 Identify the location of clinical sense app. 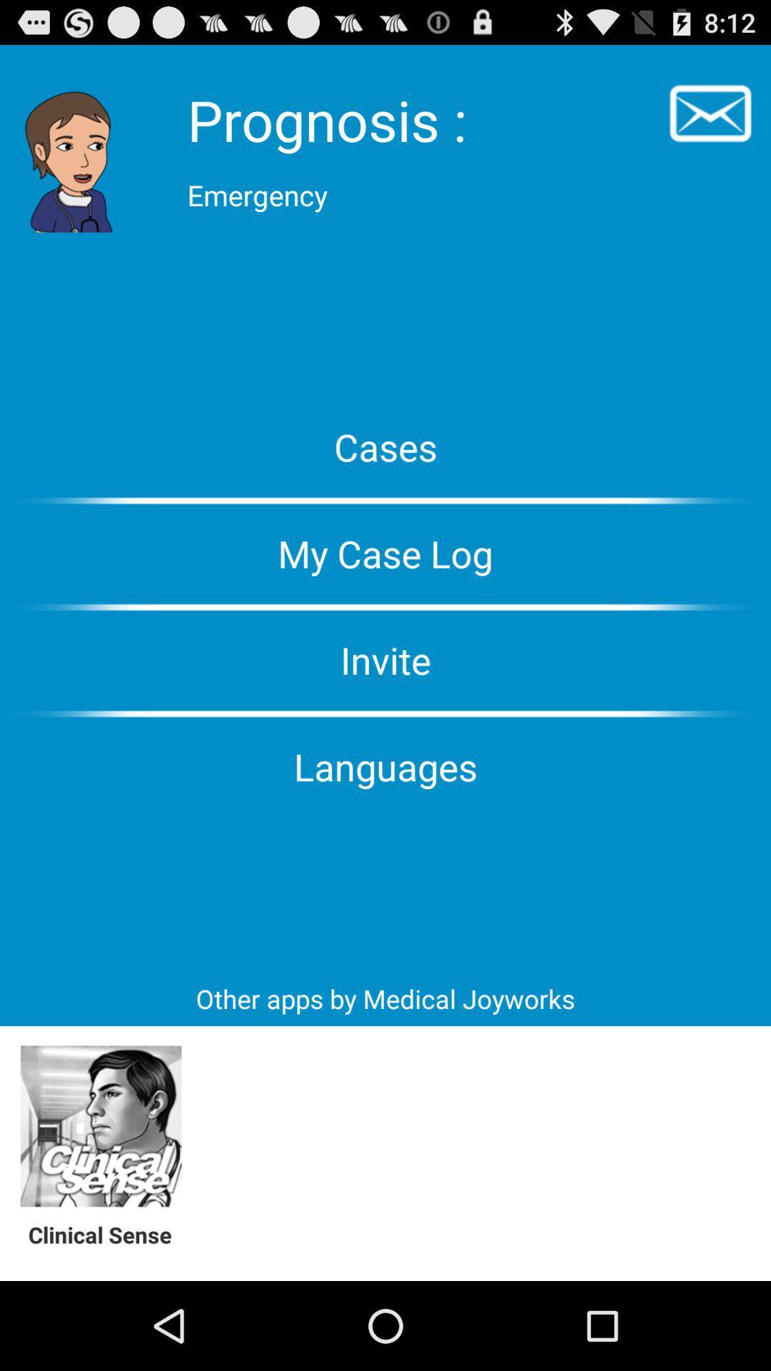
(107, 1234).